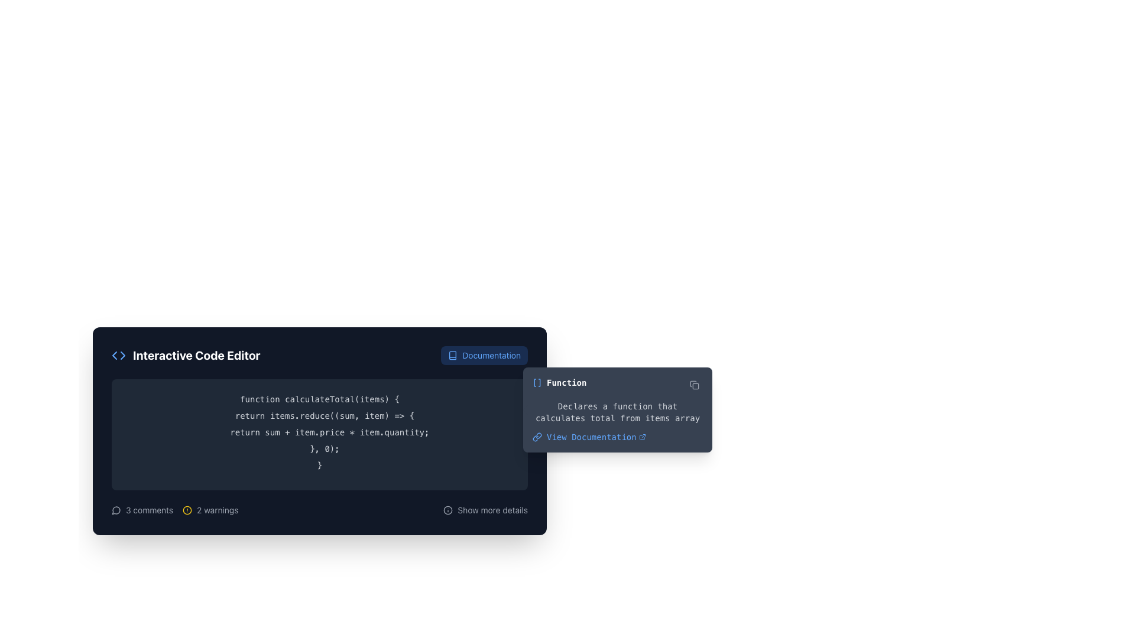  What do you see at coordinates (447, 510) in the screenshot?
I see `the SVG-based decorative icon representing informational context, which is located at the left edge of the 'Show more details' link in the bottom-right section of the interface` at bounding box center [447, 510].